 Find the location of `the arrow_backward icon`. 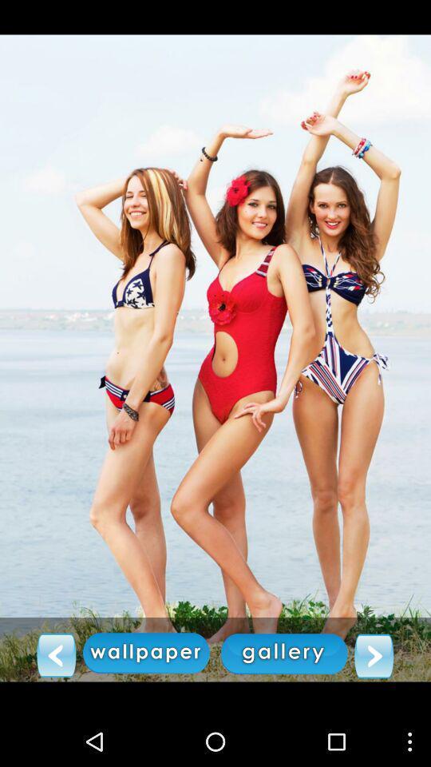

the arrow_backward icon is located at coordinates (55, 701).